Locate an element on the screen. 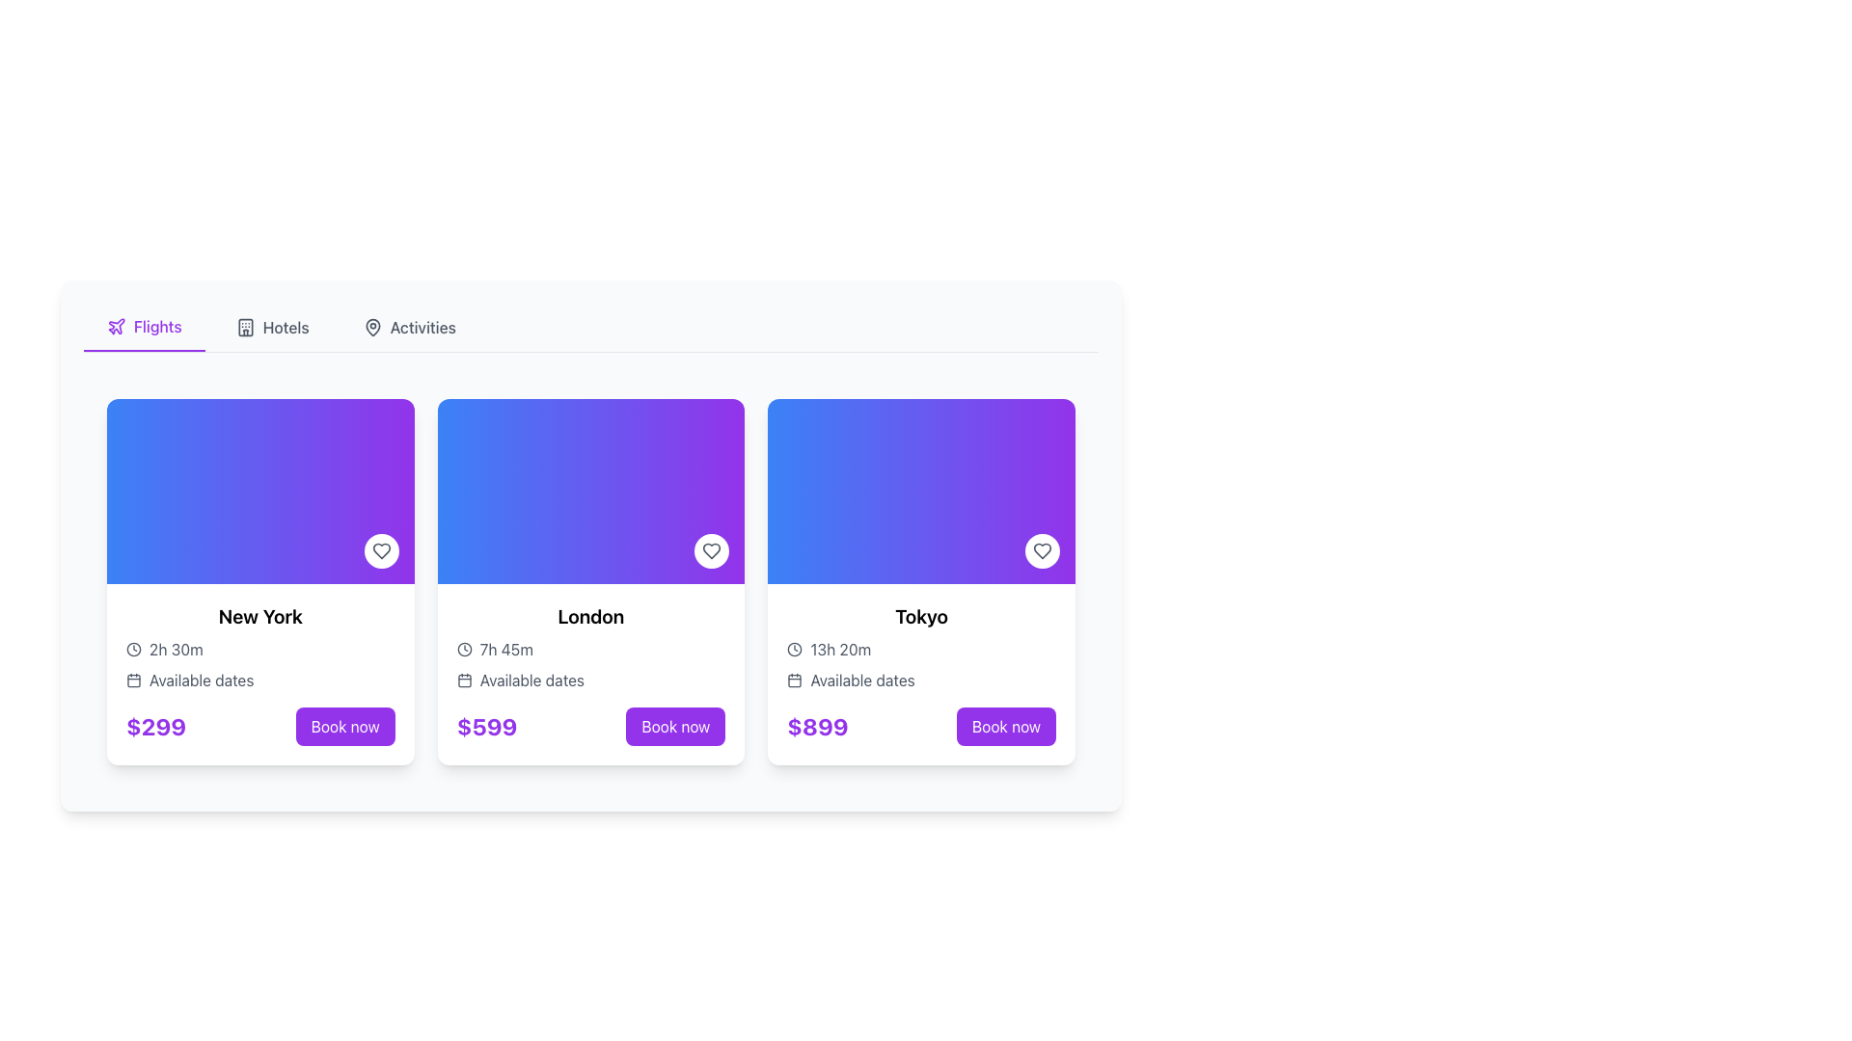  the circular button with a heart icon located at the bottom-right corner of the 'New York' card is located at coordinates (381, 550).